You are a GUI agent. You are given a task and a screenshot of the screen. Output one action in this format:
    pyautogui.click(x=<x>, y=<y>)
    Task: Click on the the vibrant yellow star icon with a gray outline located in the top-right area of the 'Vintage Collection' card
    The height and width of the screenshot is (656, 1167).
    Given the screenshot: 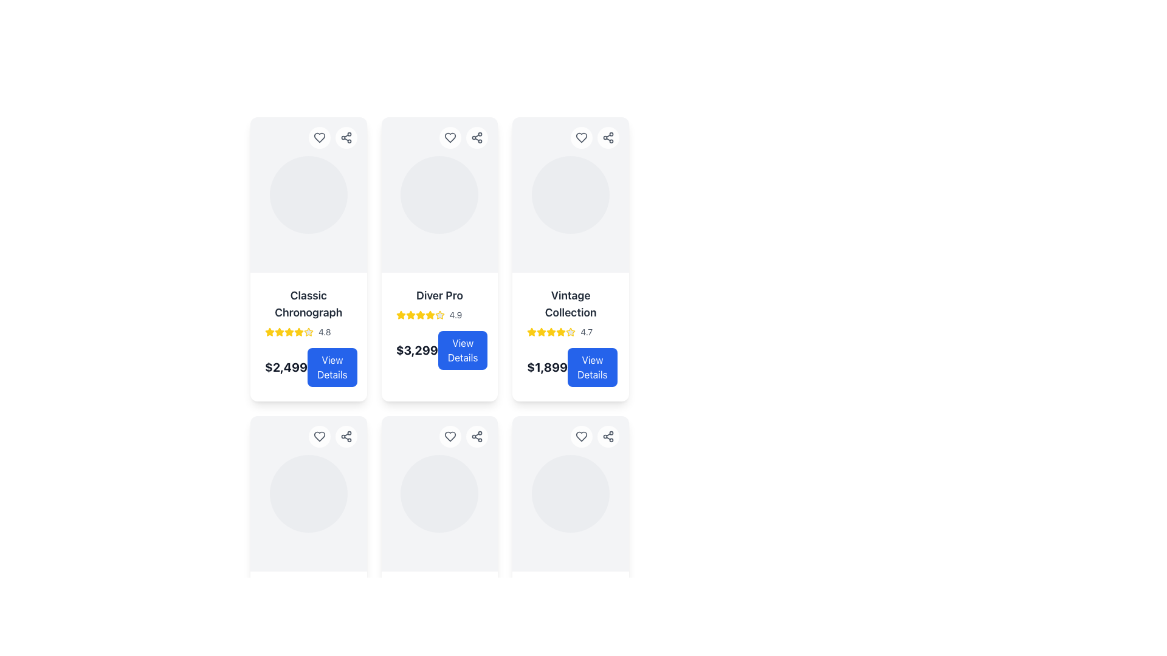 What is the action you would take?
    pyautogui.click(x=570, y=332)
    